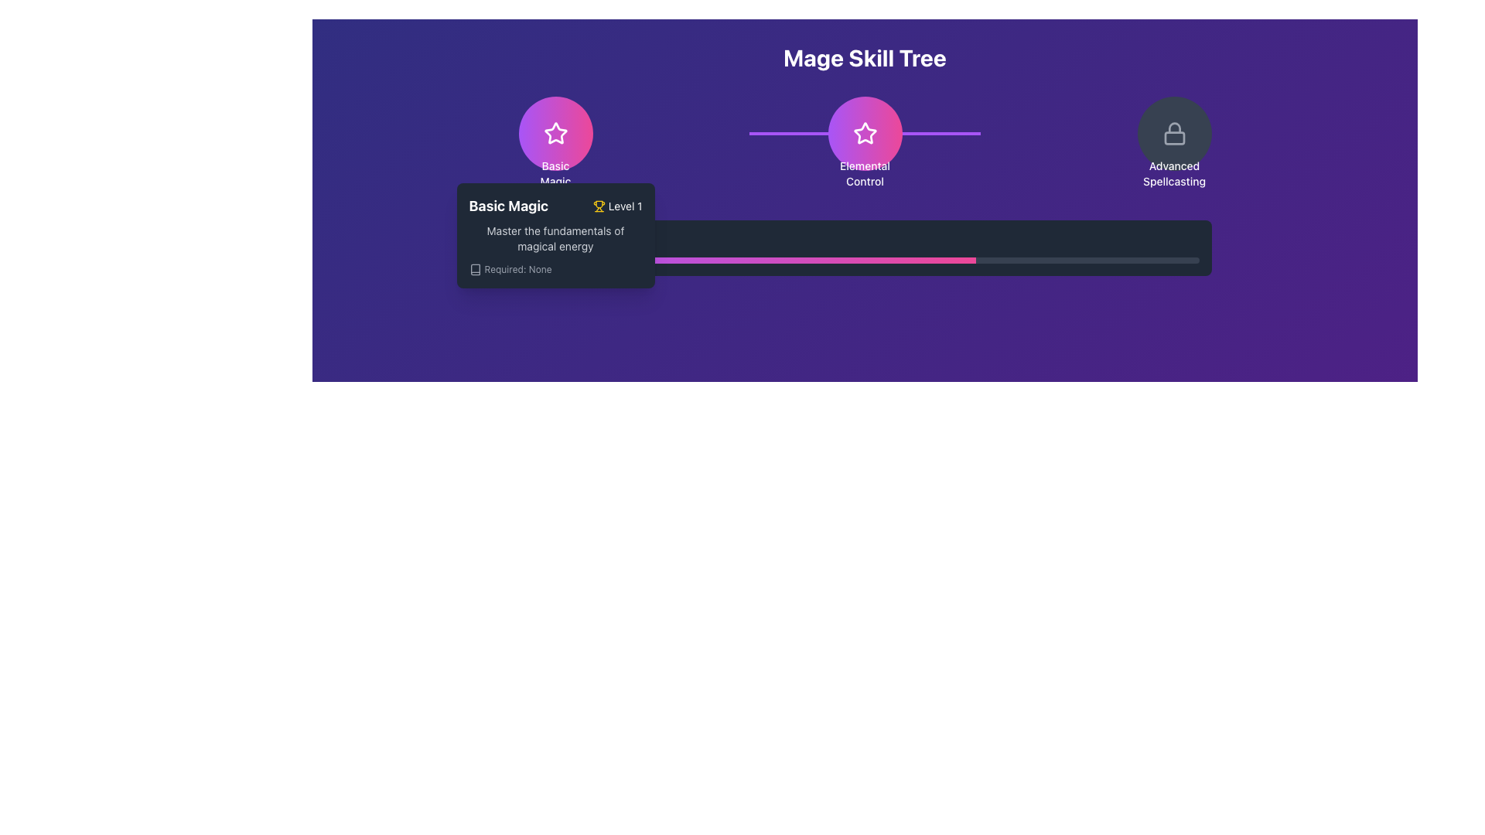 This screenshot has width=1485, height=835. Describe the element at coordinates (555, 132) in the screenshot. I see `the 'Basic Magic' skill node icon, which is represented by a star within the Mage Skill Tree interface` at that location.